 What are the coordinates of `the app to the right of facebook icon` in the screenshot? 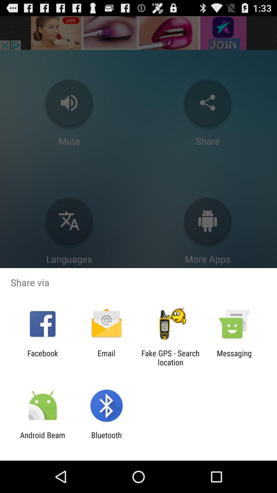 It's located at (106, 357).